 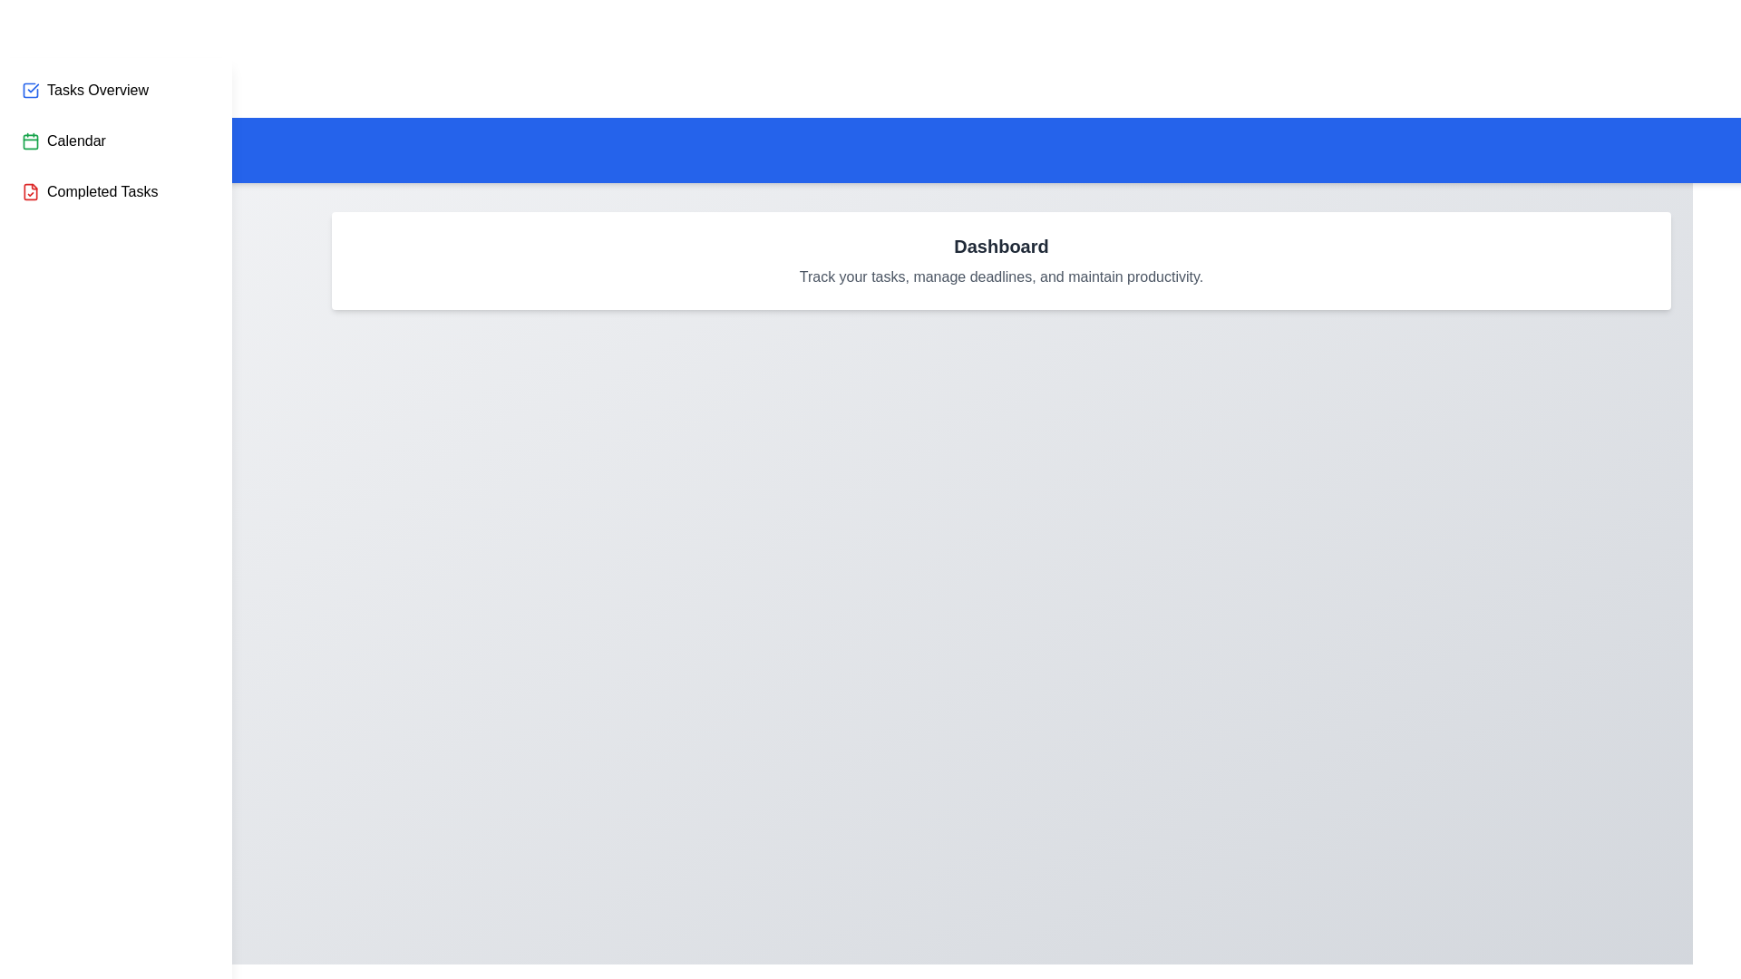 What do you see at coordinates (84, 91) in the screenshot?
I see `the 'Tasks Overview' button which is the first item in the vertical list on the left-hand side of the interface, featuring a blue checkmark icon and black text` at bounding box center [84, 91].